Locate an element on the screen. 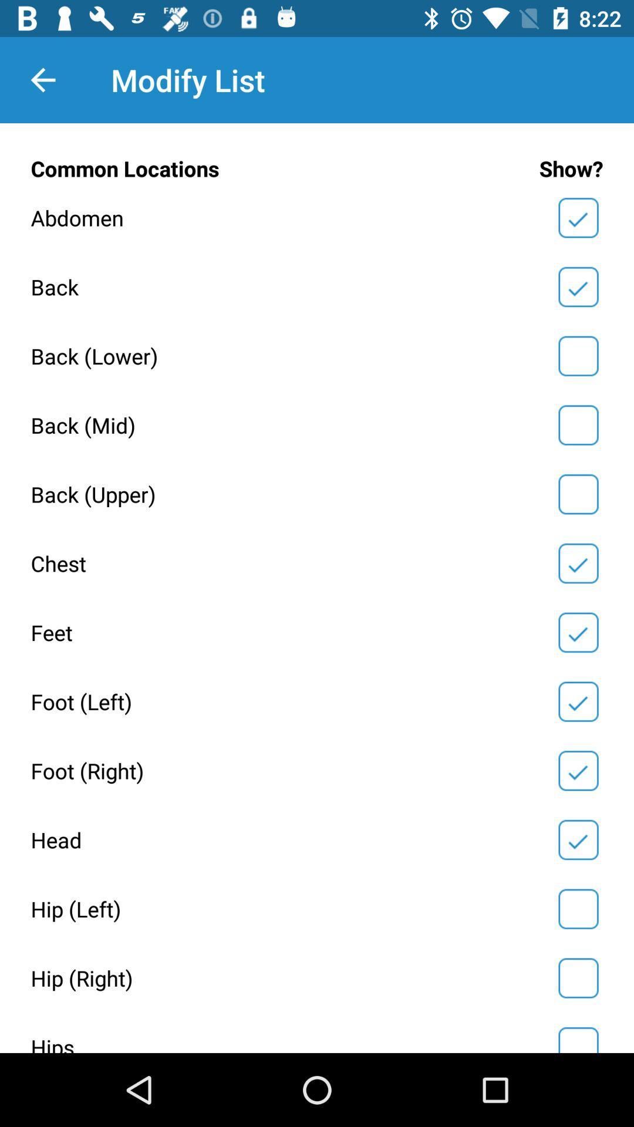 The image size is (634, 1127). pain location change pain area is located at coordinates (578, 632).